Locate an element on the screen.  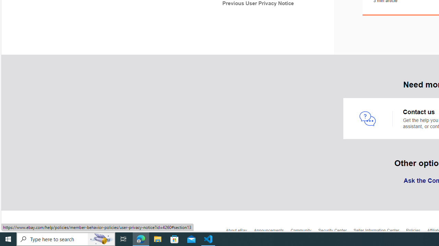
'Announcements' is located at coordinates (272, 232).